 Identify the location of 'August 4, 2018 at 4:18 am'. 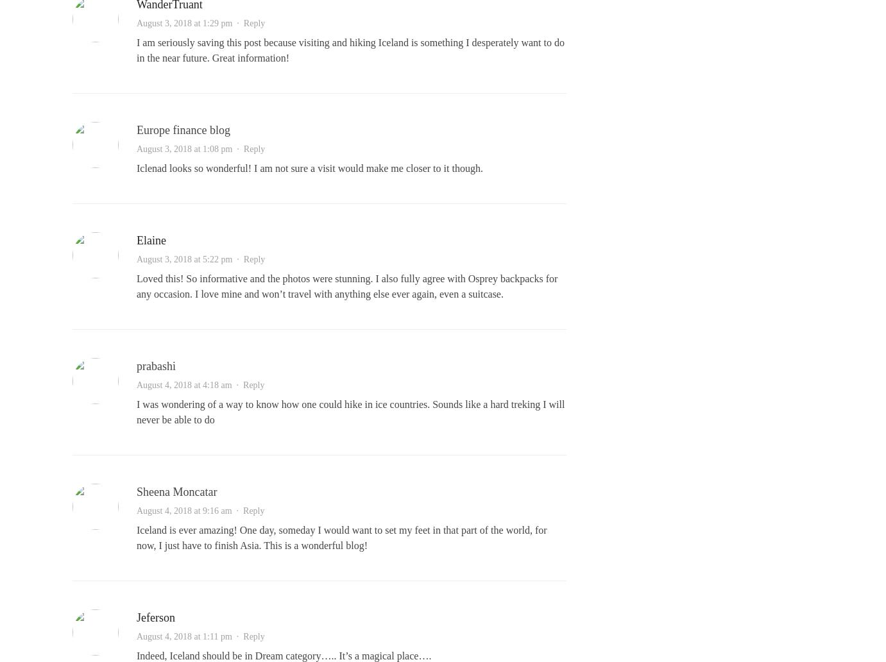
(135, 385).